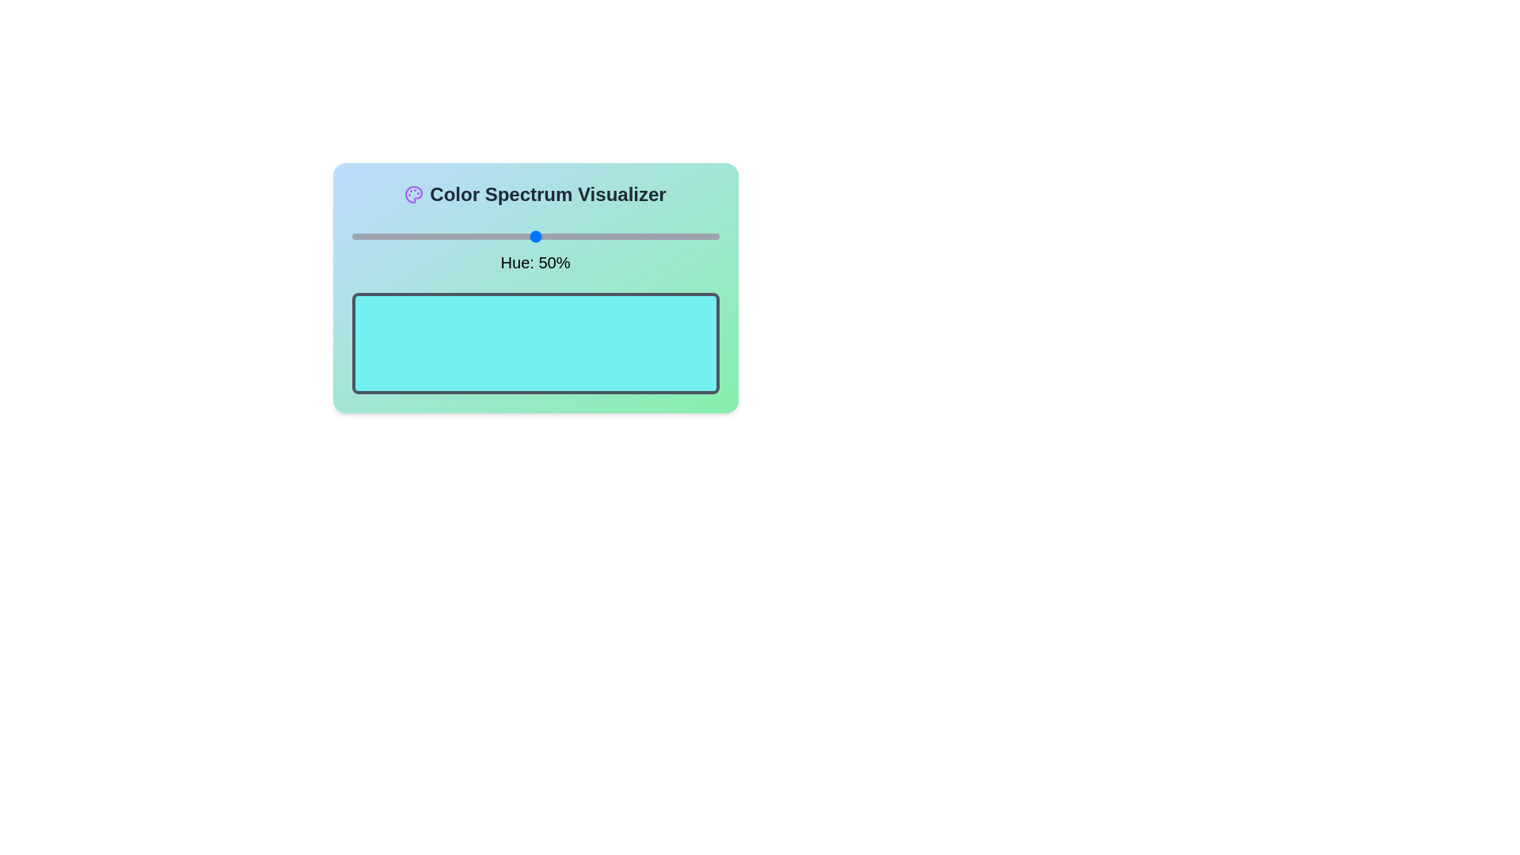  Describe the element at coordinates (642, 237) in the screenshot. I see `the slider to set the hue to 79%` at that location.